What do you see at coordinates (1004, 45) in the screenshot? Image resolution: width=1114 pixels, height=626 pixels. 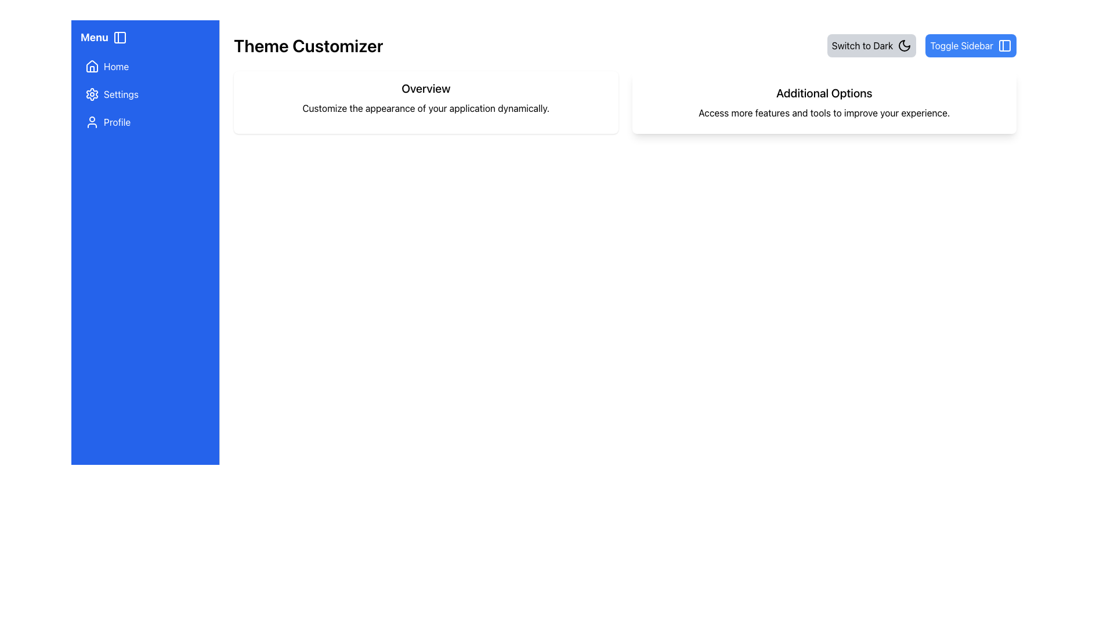 I see `the sidebar panel toggle icon, which is a graphic icon with a square and rounded corners located to the right side of the main interface, adjacent to the left edge of the Toggle Sidebar button` at bounding box center [1004, 45].